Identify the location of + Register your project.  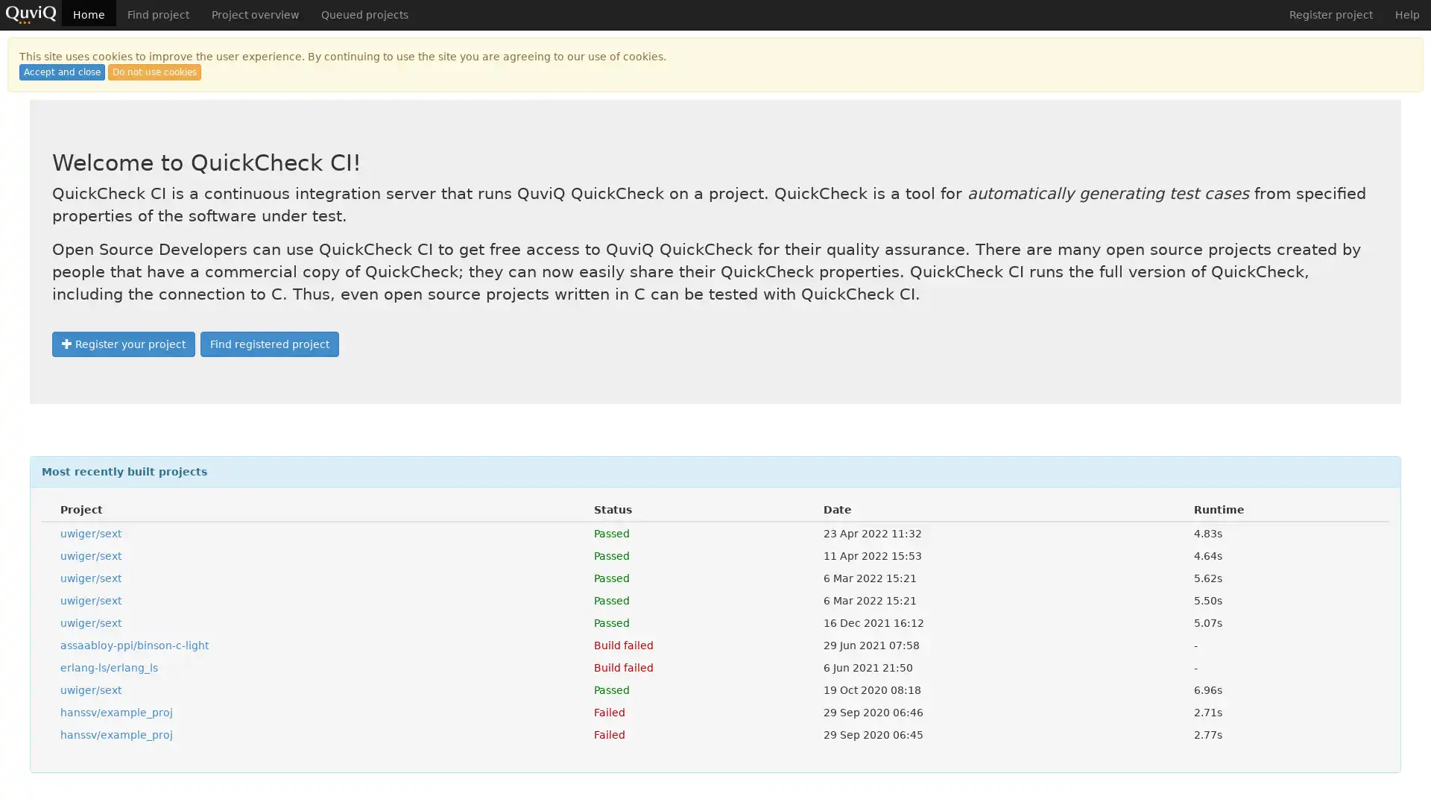
(124, 344).